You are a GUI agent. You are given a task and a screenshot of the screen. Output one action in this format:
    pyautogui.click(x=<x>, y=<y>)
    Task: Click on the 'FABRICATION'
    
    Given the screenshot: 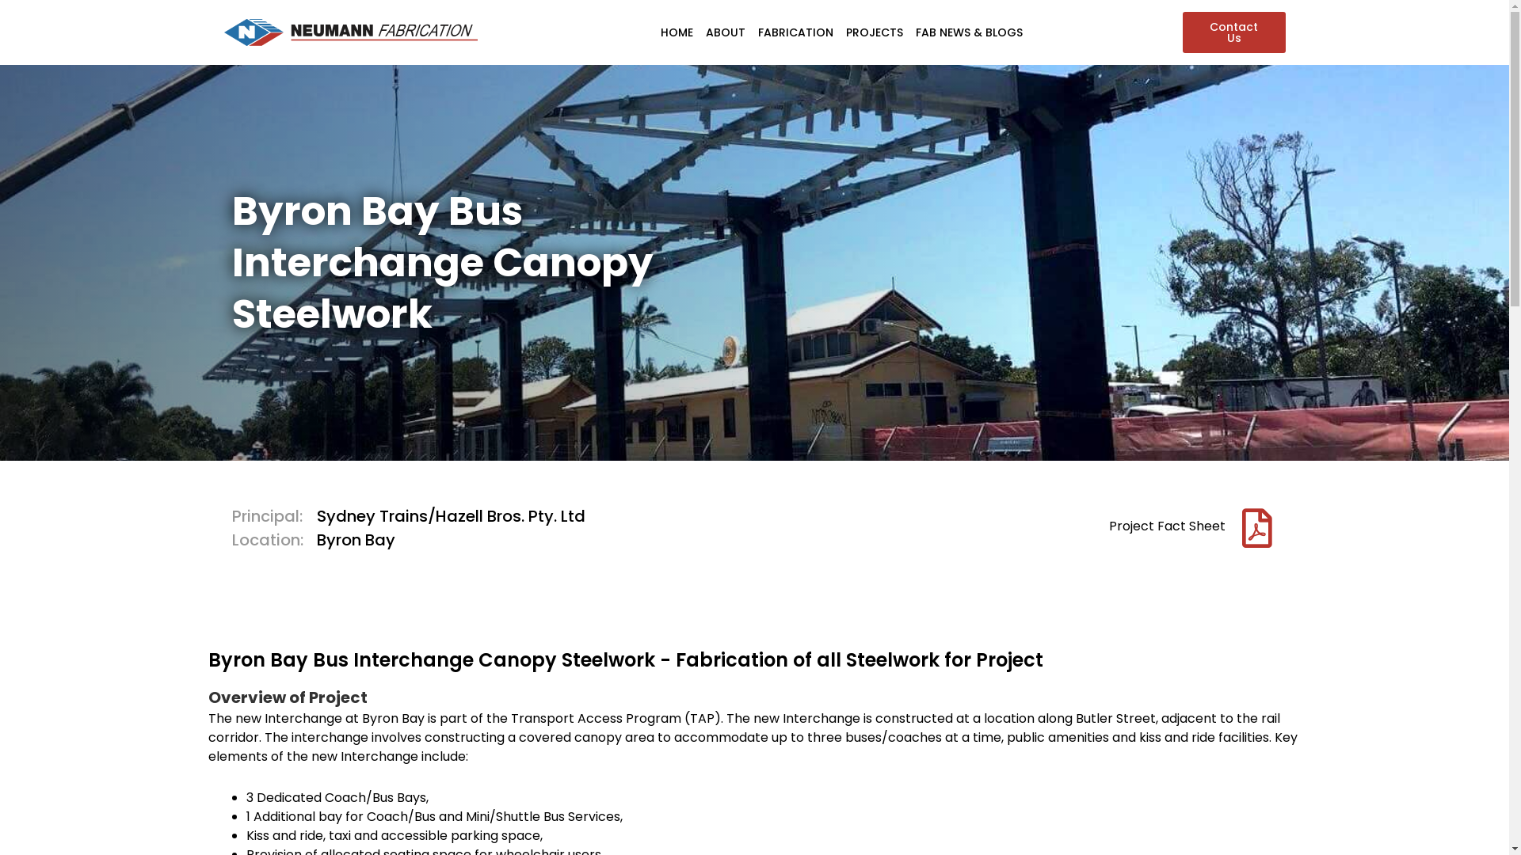 What is the action you would take?
    pyautogui.click(x=795, y=32)
    